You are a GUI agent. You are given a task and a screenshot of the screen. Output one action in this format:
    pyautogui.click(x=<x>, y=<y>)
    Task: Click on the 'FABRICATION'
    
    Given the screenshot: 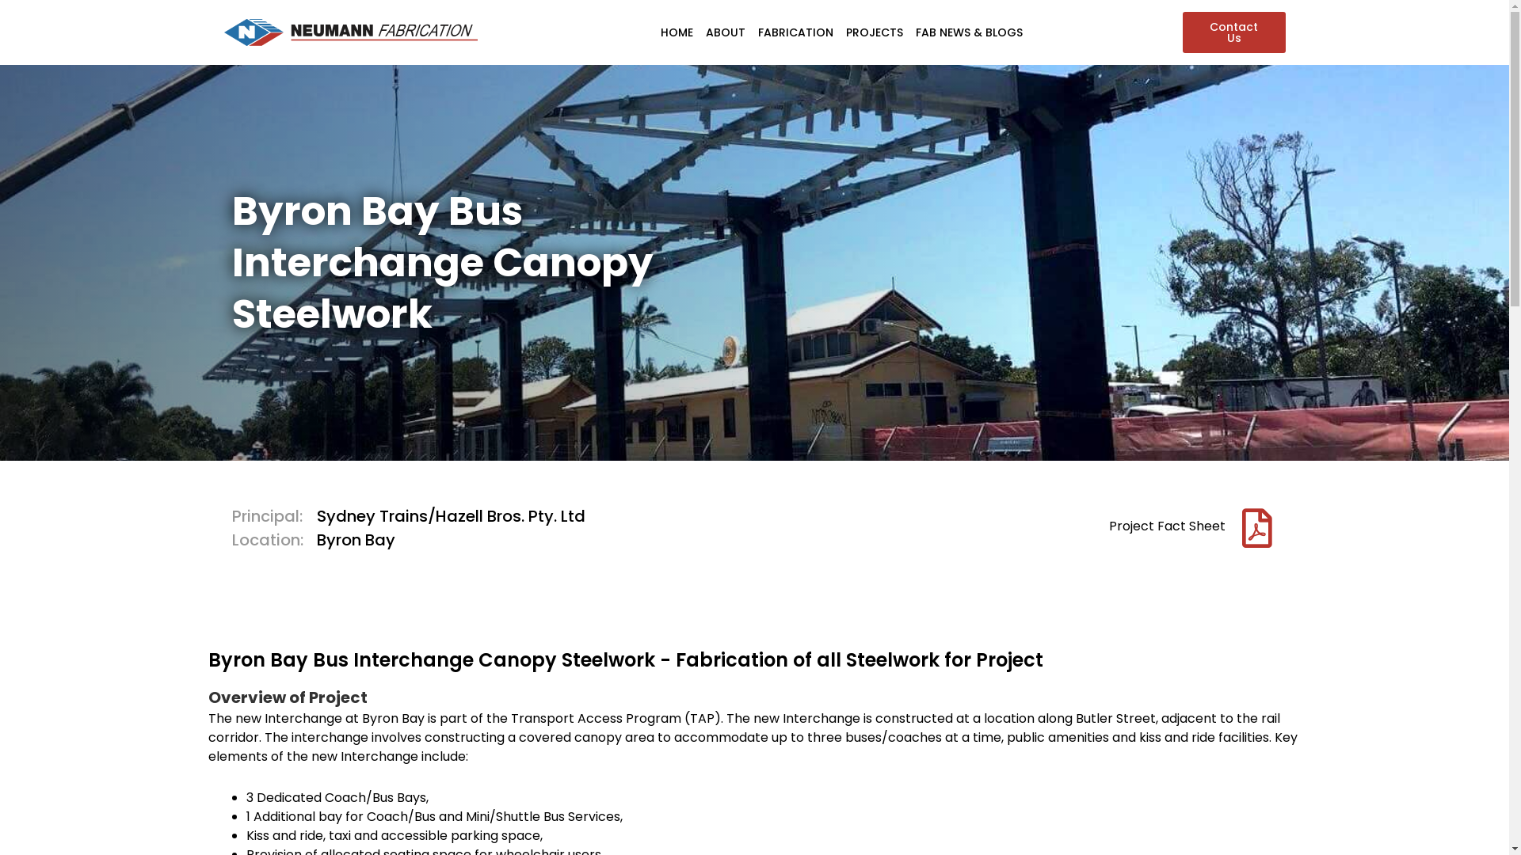 What is the action you would take?
    pyautogui.click(x=795, y=32)
    